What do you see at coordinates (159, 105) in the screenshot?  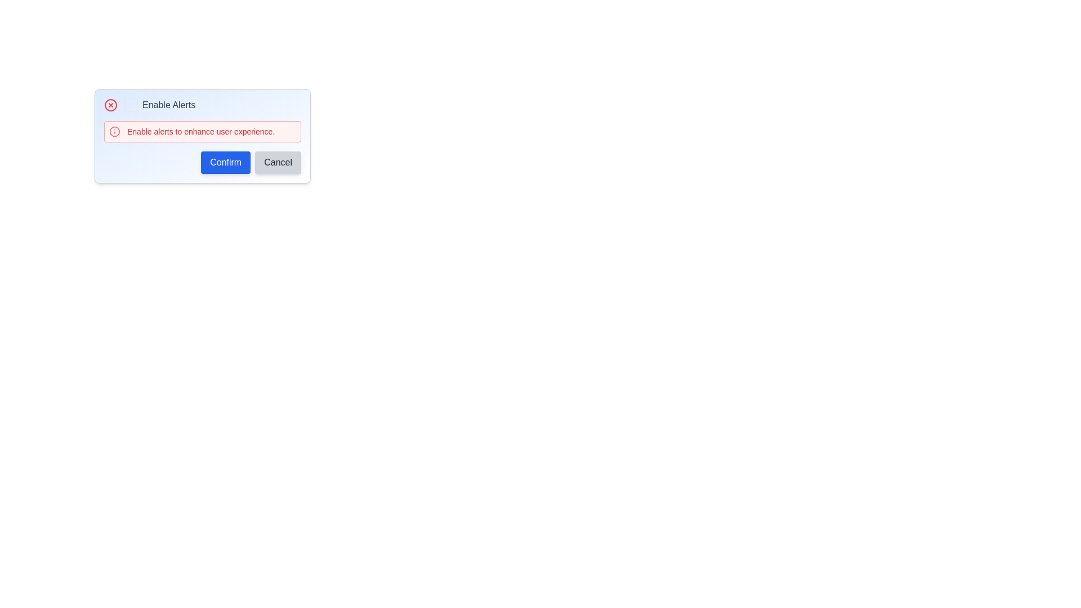 I see `the 'Enable Alerts' checkbox label` at bounding box center [159, 105].